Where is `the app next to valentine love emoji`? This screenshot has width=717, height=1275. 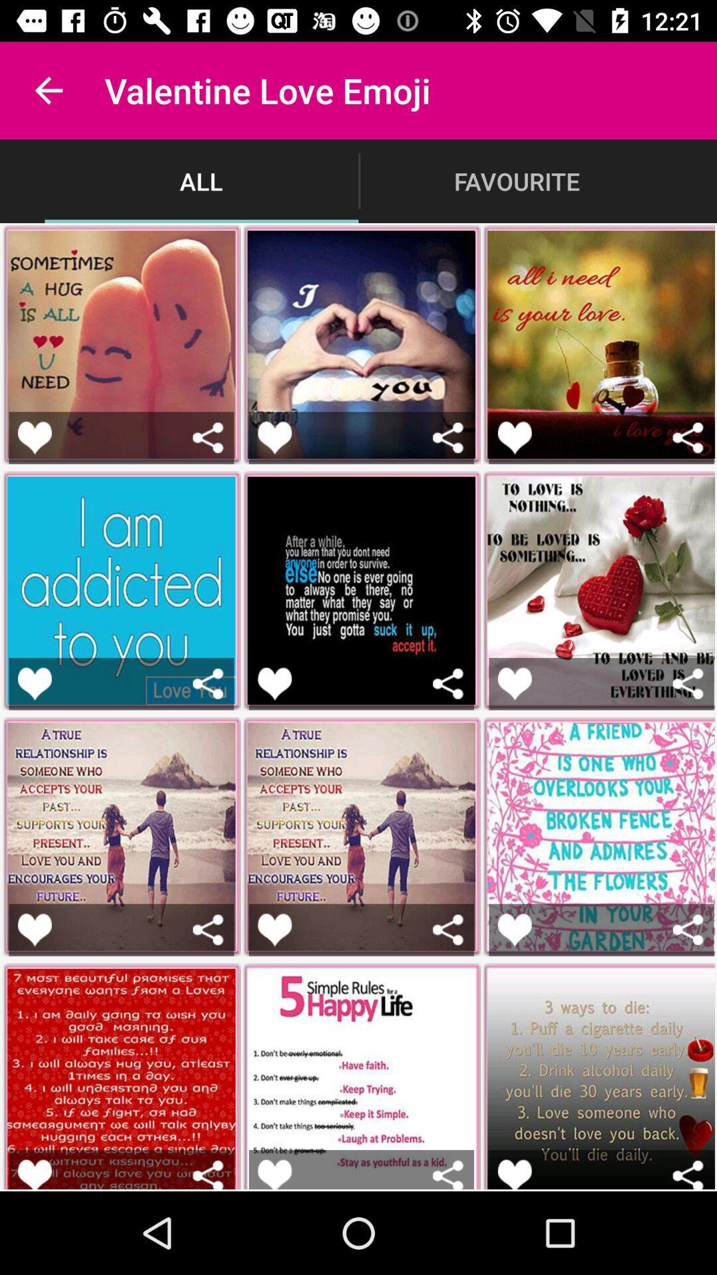
the app next to valentine love emoji is located at coordinates (48, 90).